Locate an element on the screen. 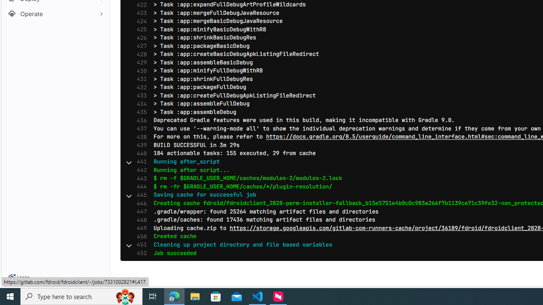 This screenshot has width=543, height=305. '425' is located at coordinates (140, 29).